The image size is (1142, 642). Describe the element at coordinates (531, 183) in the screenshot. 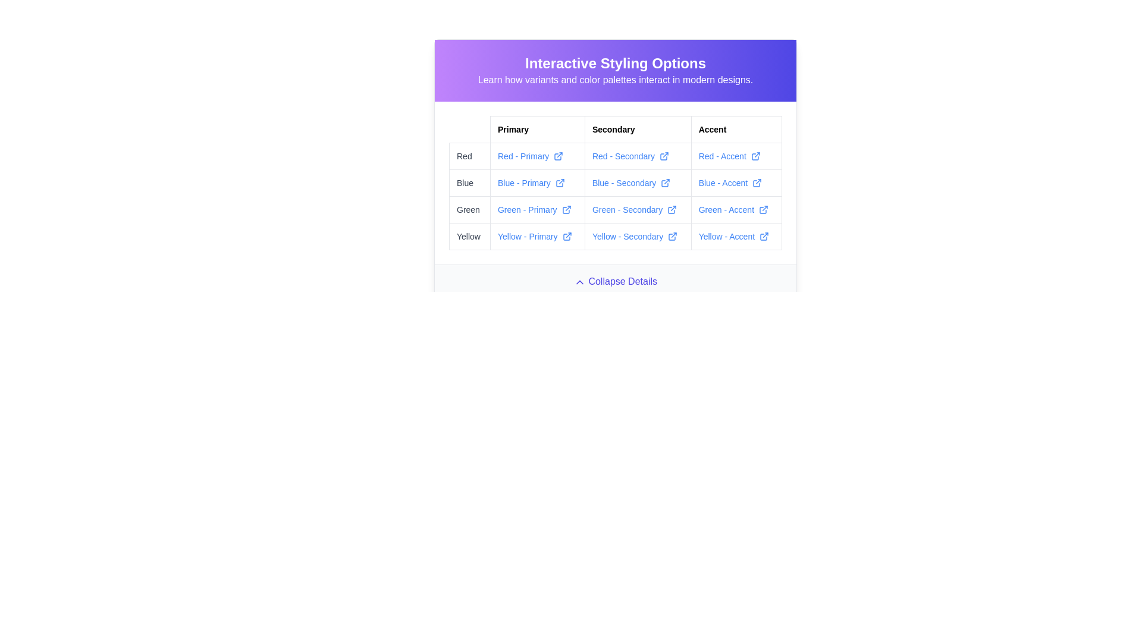

I see `the hyperlink located in the 'Primary' column under the 'Blue' row of the interactive styling options table` at that location.